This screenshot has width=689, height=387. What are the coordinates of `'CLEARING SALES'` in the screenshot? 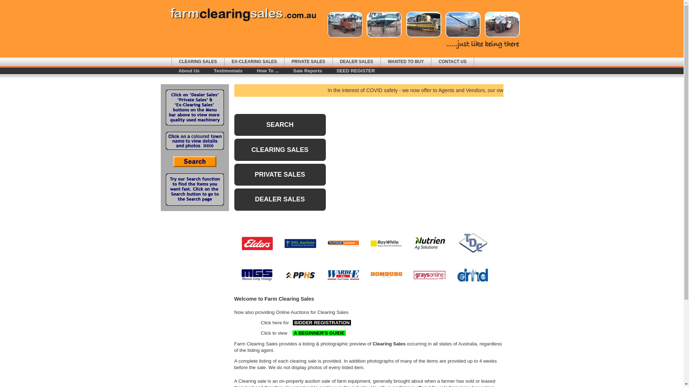 It's located at (198, 61).